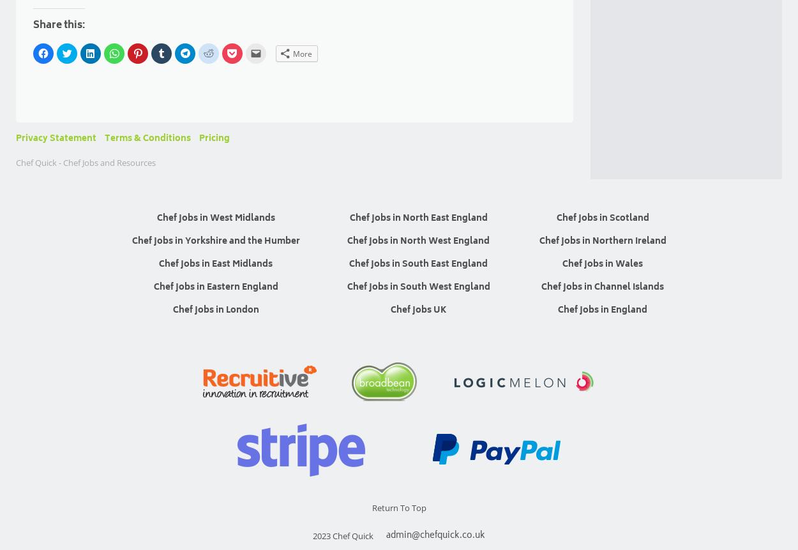 The width and height of the screenshot is (798, 550). What do you see at coordinates (418, 241) in the screenshot?
I see `'Chef Jobs in North West England'` at bounding box center [418, 241].